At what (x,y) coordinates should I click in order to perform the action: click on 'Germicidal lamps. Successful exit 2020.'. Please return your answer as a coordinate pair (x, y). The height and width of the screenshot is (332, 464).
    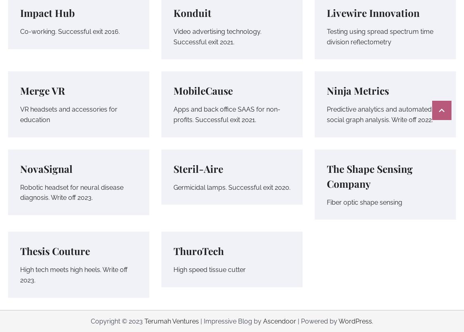
    Looking at the image, I should click on (232, 187).